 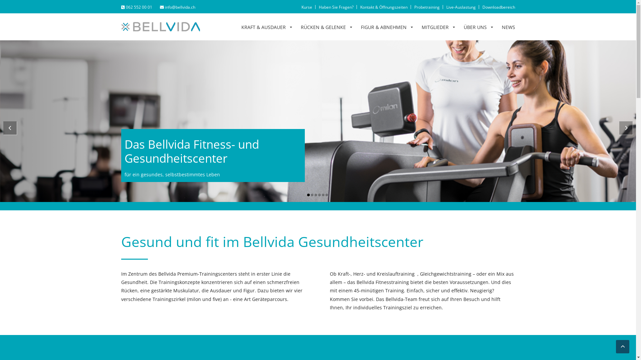 I want to click on 'MITGLIEDER', so click(x=439, y=27).